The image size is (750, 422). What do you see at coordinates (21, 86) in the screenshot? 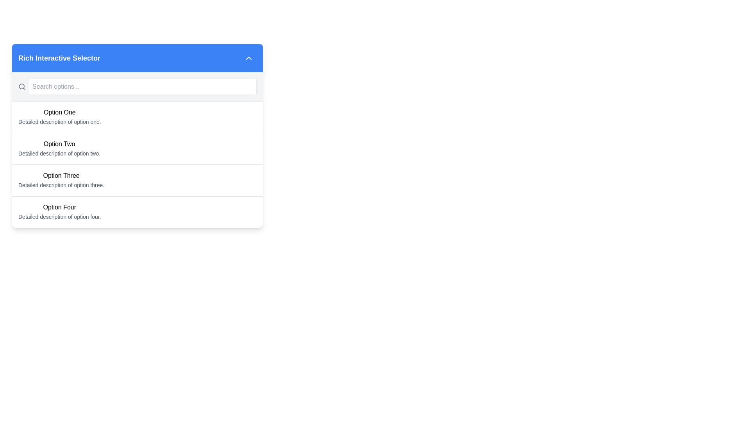
I see `the decorative circle SVG element that indicates the search function, located at the top-left corner of the interactive selector panel` at bounding box center [21, 86].